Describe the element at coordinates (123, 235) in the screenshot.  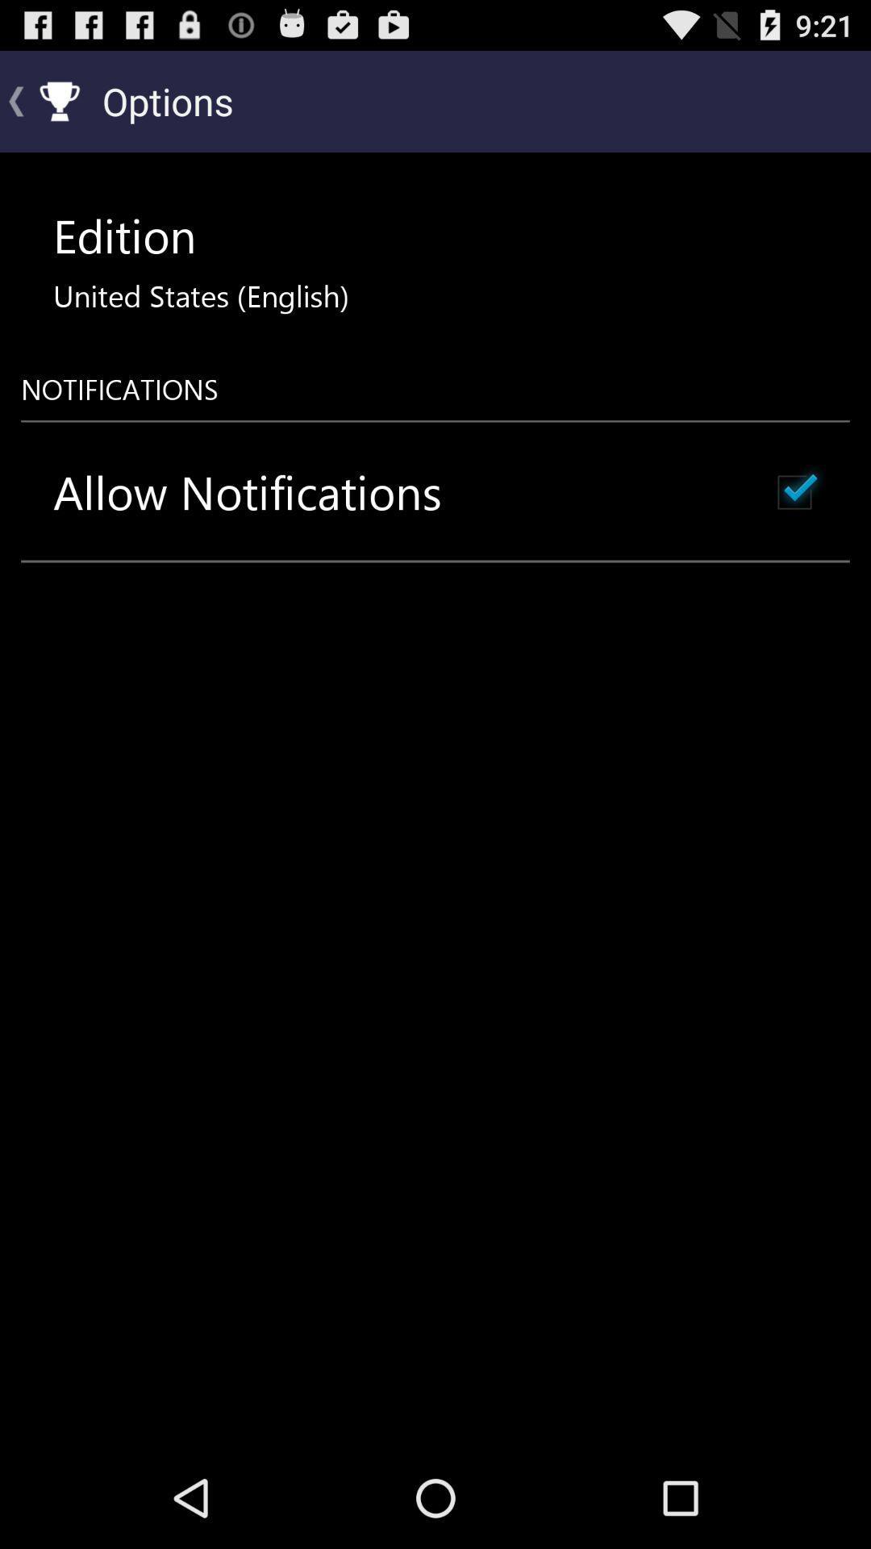
I see `icon above united states (english) item` at that location.